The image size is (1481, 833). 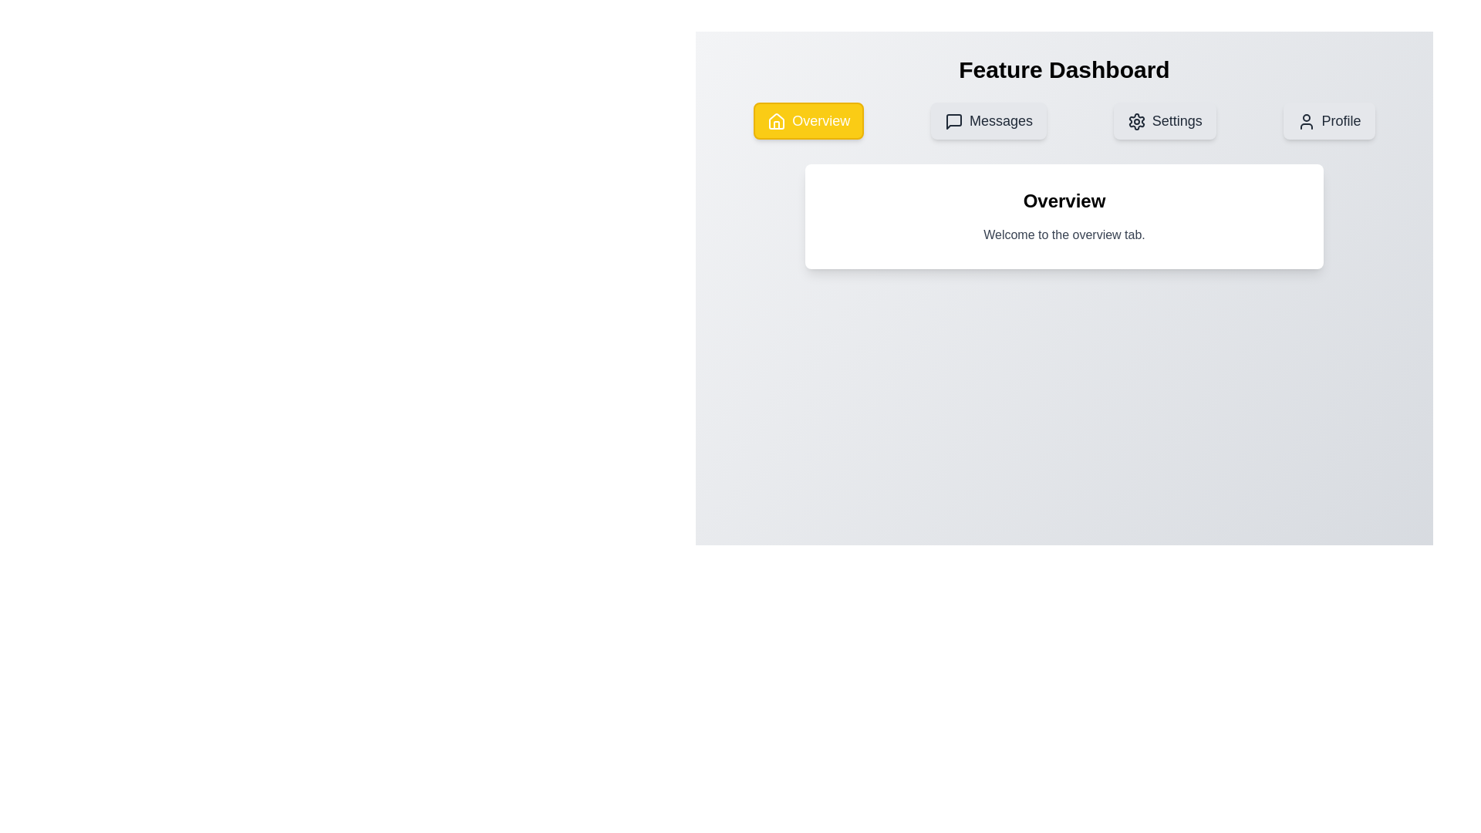 I want to click on the Profile tab by clicking on its corresponding button, so click(x=1328, y=120).